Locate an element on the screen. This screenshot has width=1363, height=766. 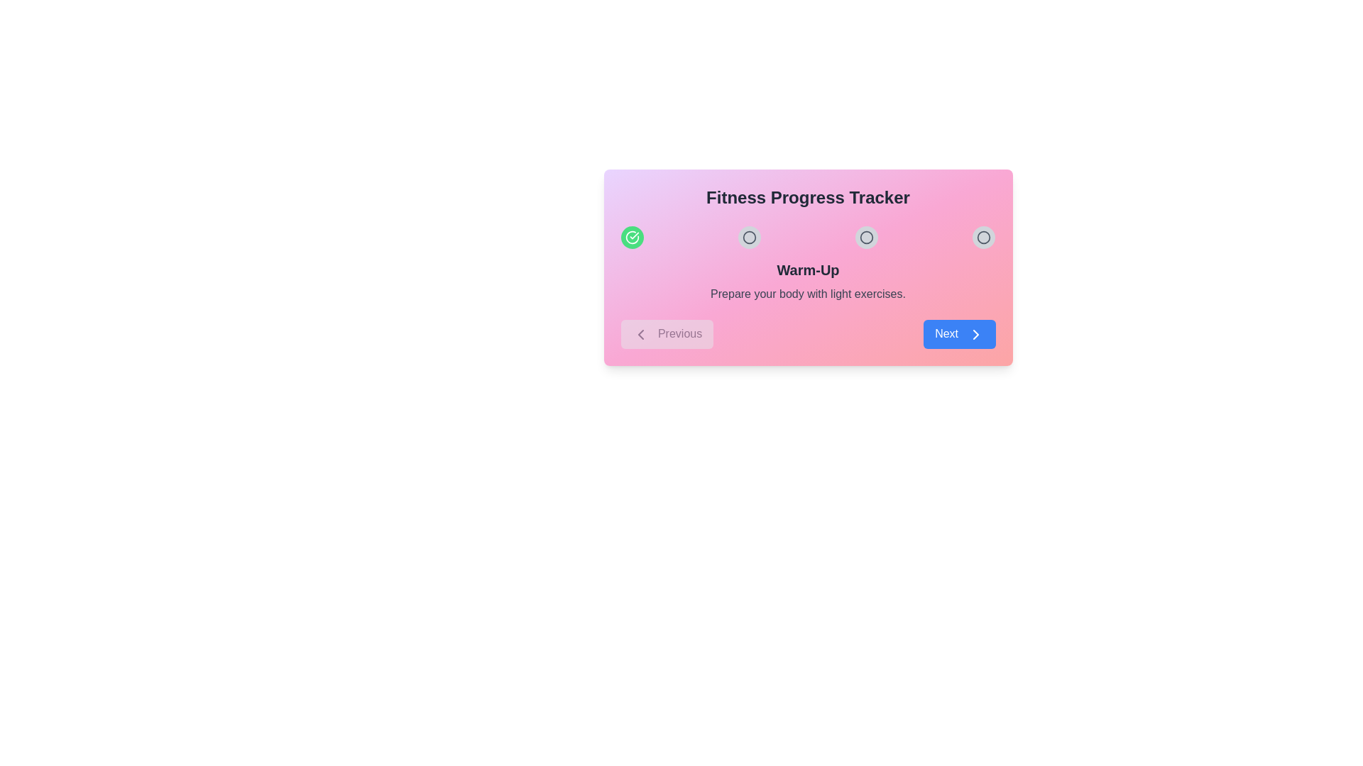
the text displaying 'Prepare your body with light exercises.' which is positioned under the 'Warm-Up' heading is located at coordinates (808, 294).